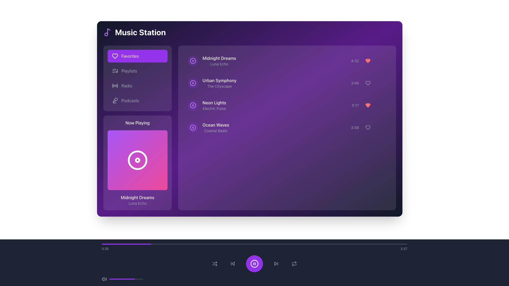 The image size is (509, 286). What do you see at coordinates (126, 244) in the screenshot?
I see `the purple-filled progress bar segment that indicates progress within the gray background track at the bottom of the interface` at bounding box center [126, 244].